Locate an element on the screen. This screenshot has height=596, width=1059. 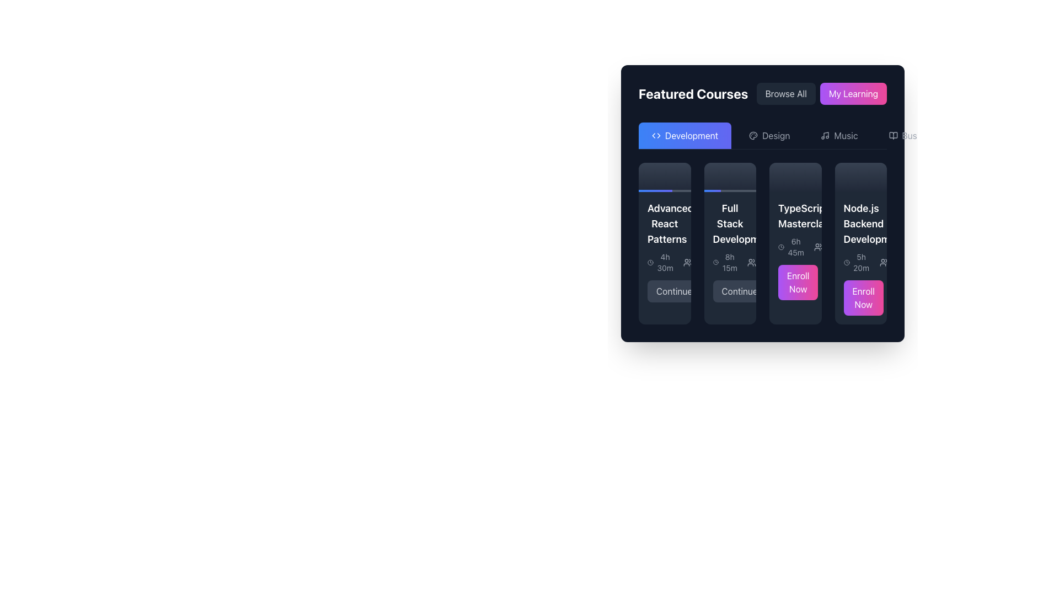
the 'Continue' button in the Course overview module located in the second column under the 'Development' tab to proceed with the course is located at coordinates (730, 252).